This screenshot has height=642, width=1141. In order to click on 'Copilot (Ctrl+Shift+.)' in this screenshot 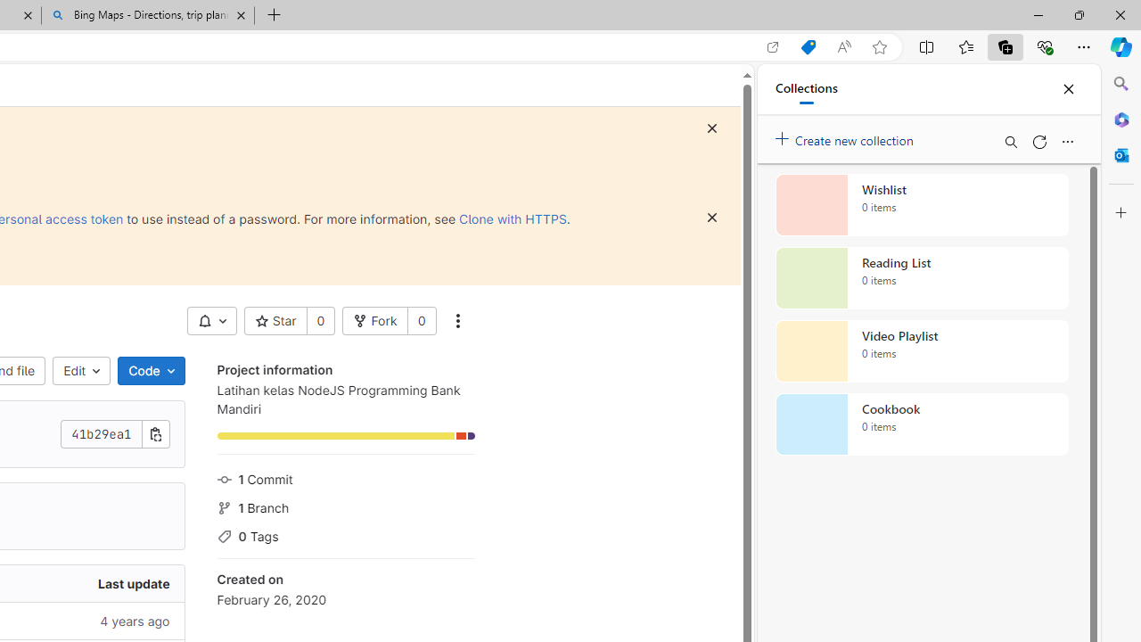, I will do `click(1120, 45)`.